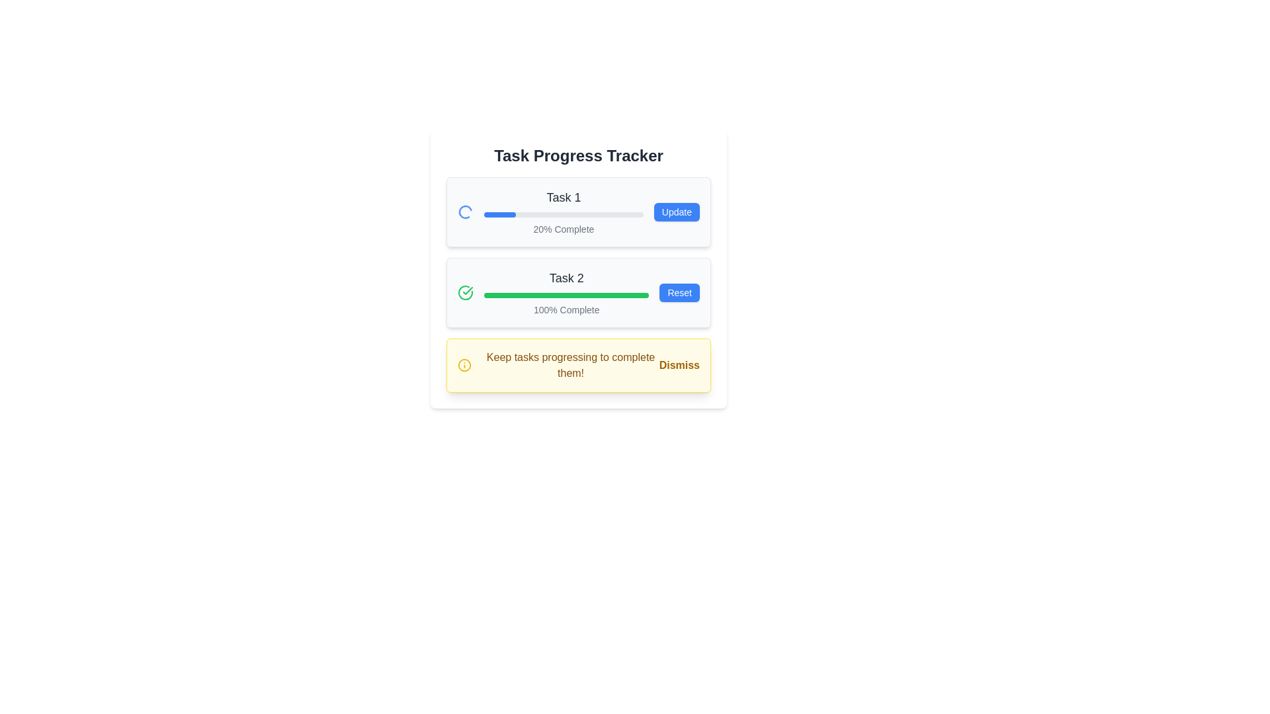  What do you see at coordinates (564, 198) in the screenshot?
I see `the text label displaying 'Task 1' in a medium-sized, gray-colored font at the top of the task card layout` at bounding box center [564, 198].